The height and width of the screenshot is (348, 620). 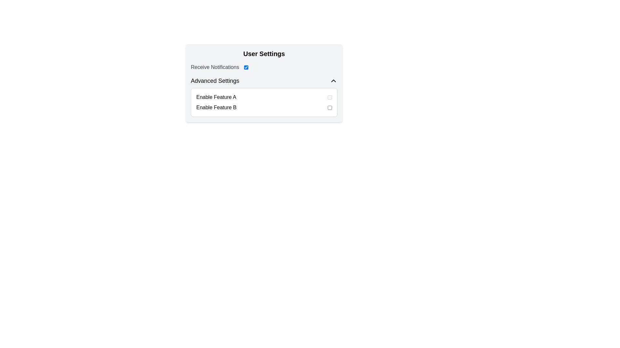 What do you see at coordinates (330, 97) in the screenshot?
I see `the toggle checkbox for 'Enable Feature A' located in the 'Advanced Settings' section of the 'User Settings' interface to potentially display a tooltip` at bounding box center [330, 97].